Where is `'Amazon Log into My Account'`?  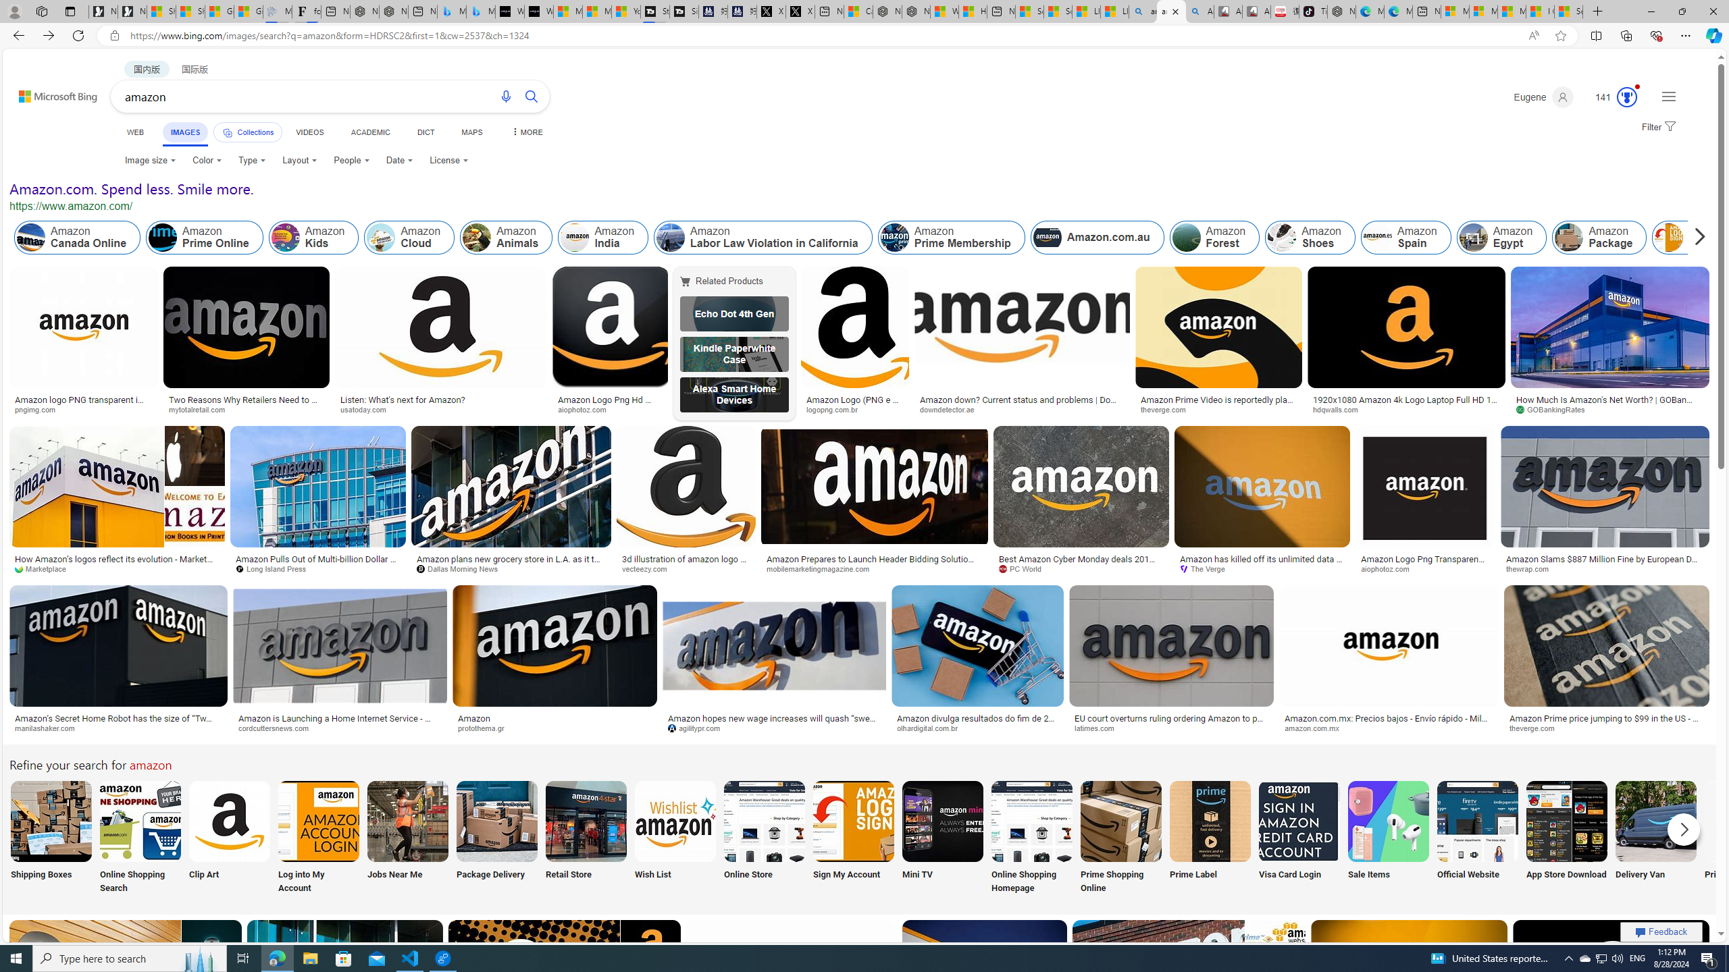
'Amazon Log into My Account' is located at coordinates (319, 820).